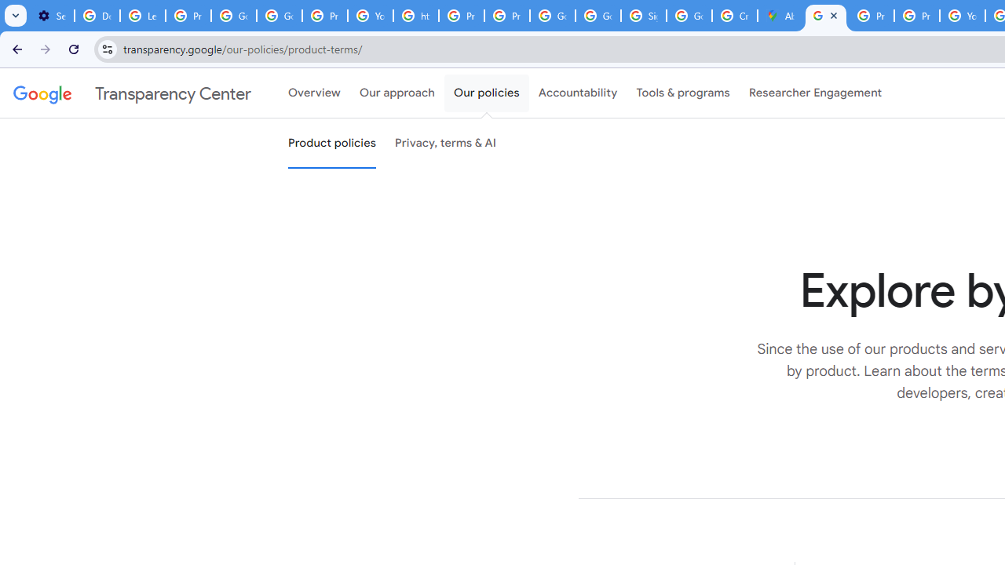  Describe the element at coordinates (132, 93) in the screenshot. I see `'Transparency Center'` at that location.